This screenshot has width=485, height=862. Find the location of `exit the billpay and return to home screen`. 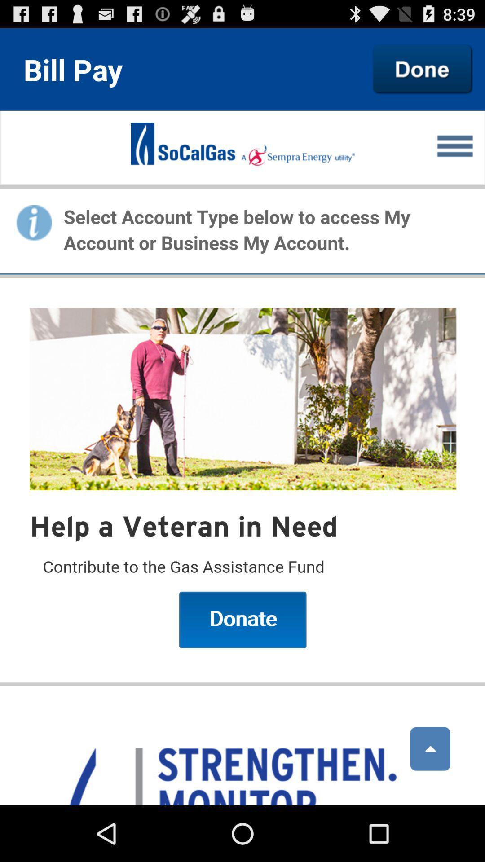

exit the billpay and return to home screen is located at coordinates (423, 69).